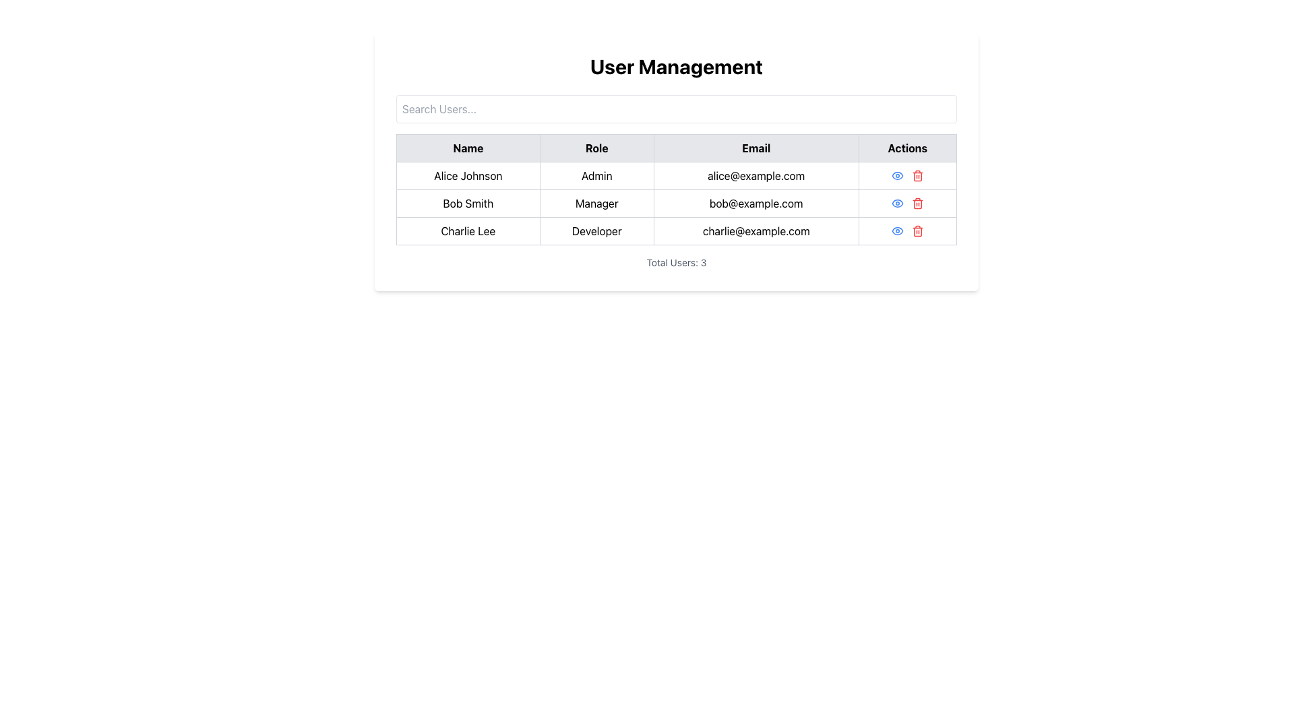 This screenshot has width=1294, height=728. What do you see at coordinates (468, 231) in the screenshot?
I see `the name entry cell in the user management table, which is the first cell in the third row, positioned above 'Total Users: 3' and beside the 'Role' column's 'Developer' entry` at bounding box center [468, 231].